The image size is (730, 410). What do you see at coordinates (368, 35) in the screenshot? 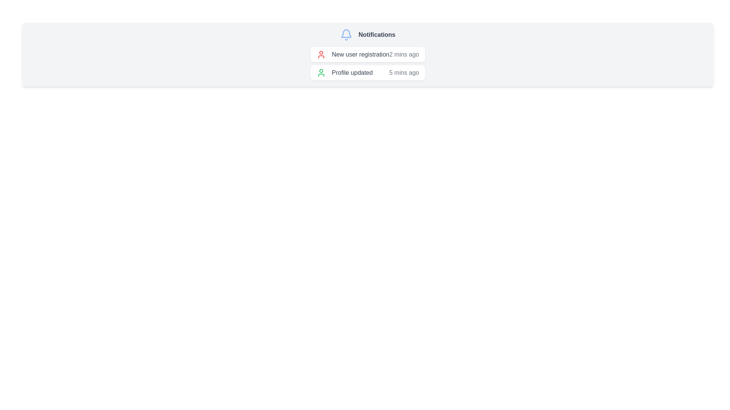
I see `the header element that features a blue bell icon on the left and the bold gray text 'Notifications' to its right, located centrally at the top of the content card` at bounding box center [368, 35].